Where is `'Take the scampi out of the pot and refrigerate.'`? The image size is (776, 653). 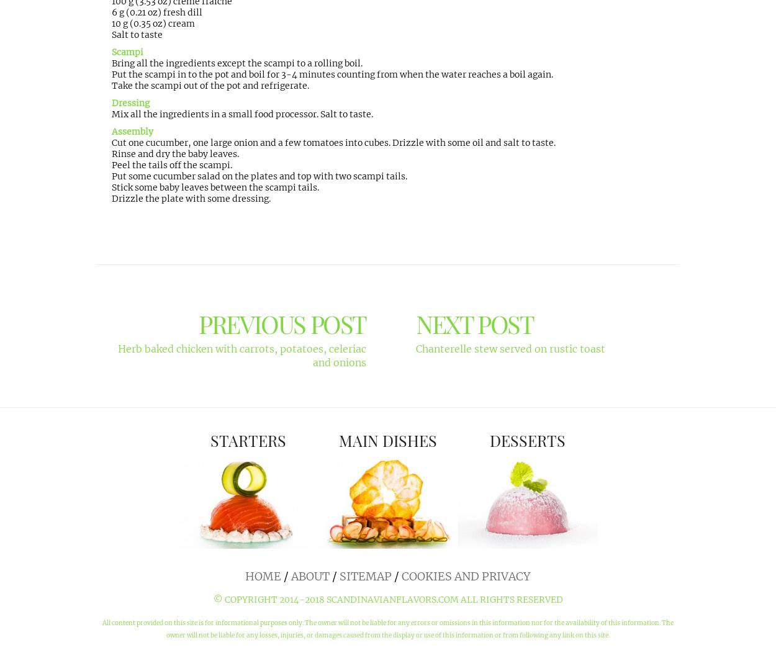
'Take the scampi out of the pot and refrigerate.' is located at coordinates (210, 85).